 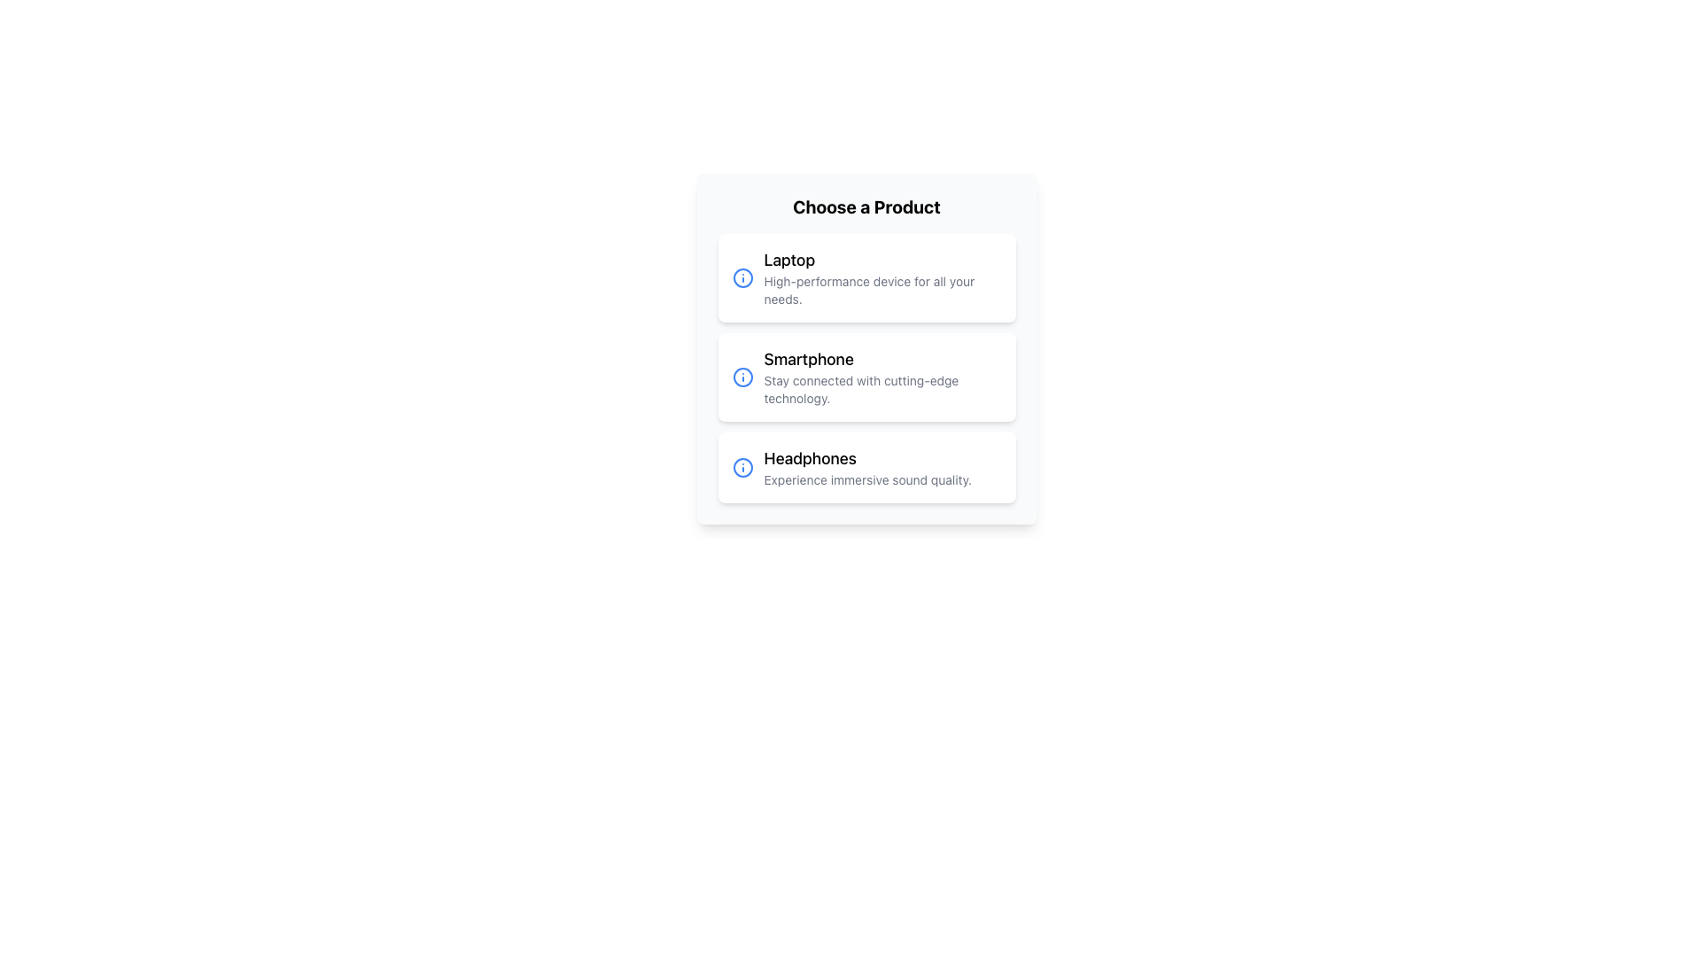 What do you see at coordinates (882, 480) in the screenshot?
I see `the text label that contains 'Experience immersive sound quality.' positioned beneath the title 'Headphones.'` at bounding box center [882, 480].